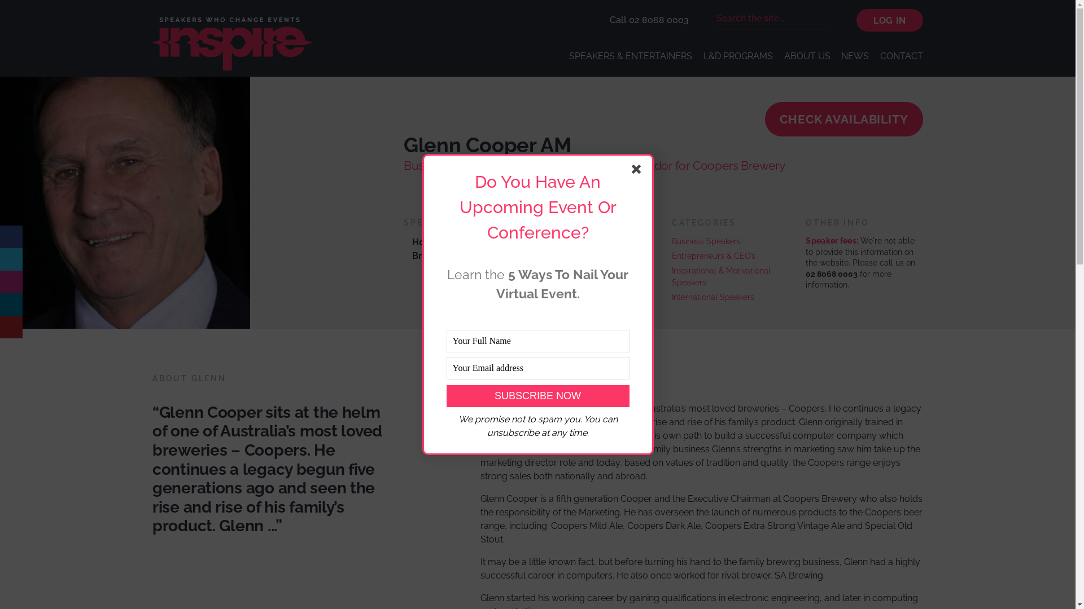  What do you see at coordinates (720, 276) in the screenshot?
I see `'Inspirational & Motivational Speakers'` at bounding box center [720, 276].